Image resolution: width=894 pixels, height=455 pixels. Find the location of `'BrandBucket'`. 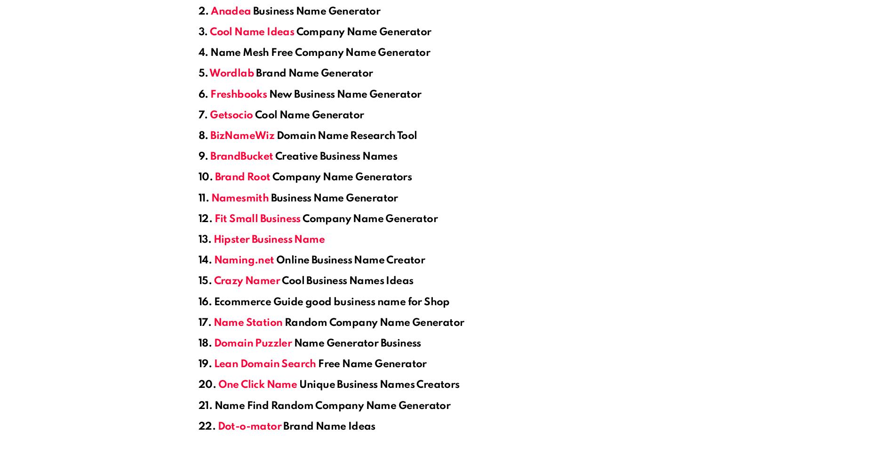

'BrandBucket' is located at coordinates (241, 156).